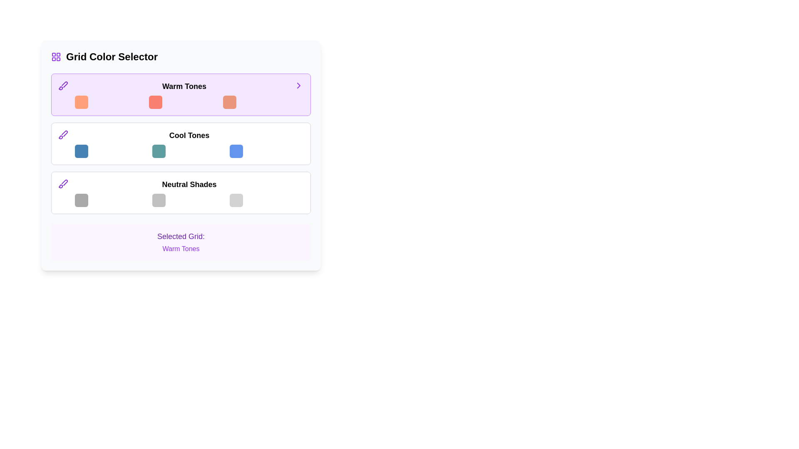 The height and width of the screenshot is (449, 799). What do you see at coordinates (63, 183) in the screenshot?
I see `the purple paintbrush icon located to the left of the 'Neutral Shades' text in the grid color selector interface` at bounding box center [63, 183].